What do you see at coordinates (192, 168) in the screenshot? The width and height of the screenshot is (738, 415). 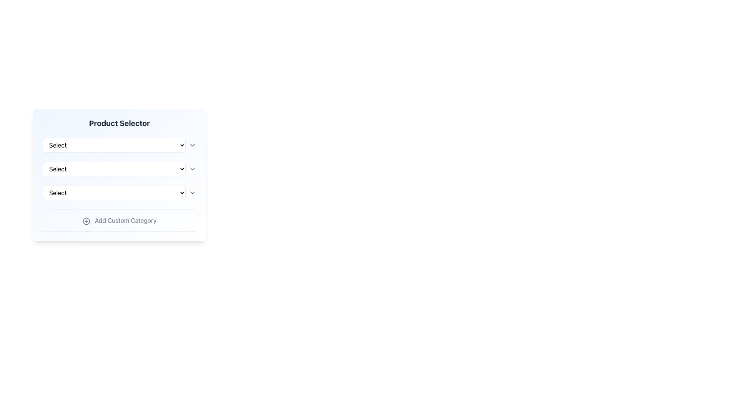 I see `the Chevron Downward icon located at the far-right of the second 'Select' dropdown field by moving the cursor to its center point` at bounding box center [192, 168].